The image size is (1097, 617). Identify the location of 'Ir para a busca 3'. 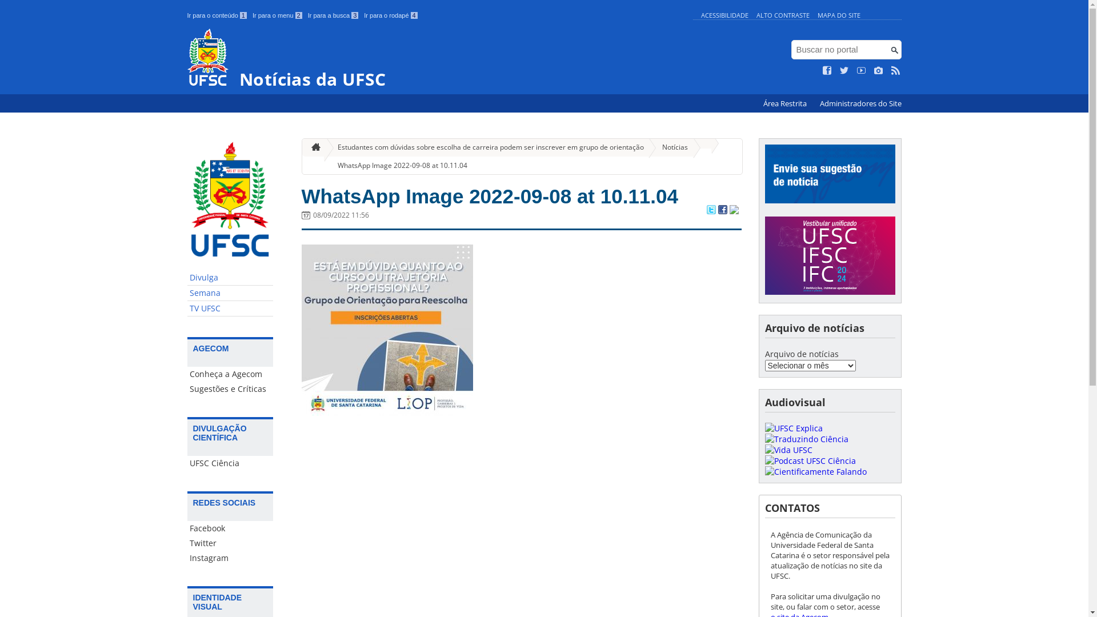
(333, 15).